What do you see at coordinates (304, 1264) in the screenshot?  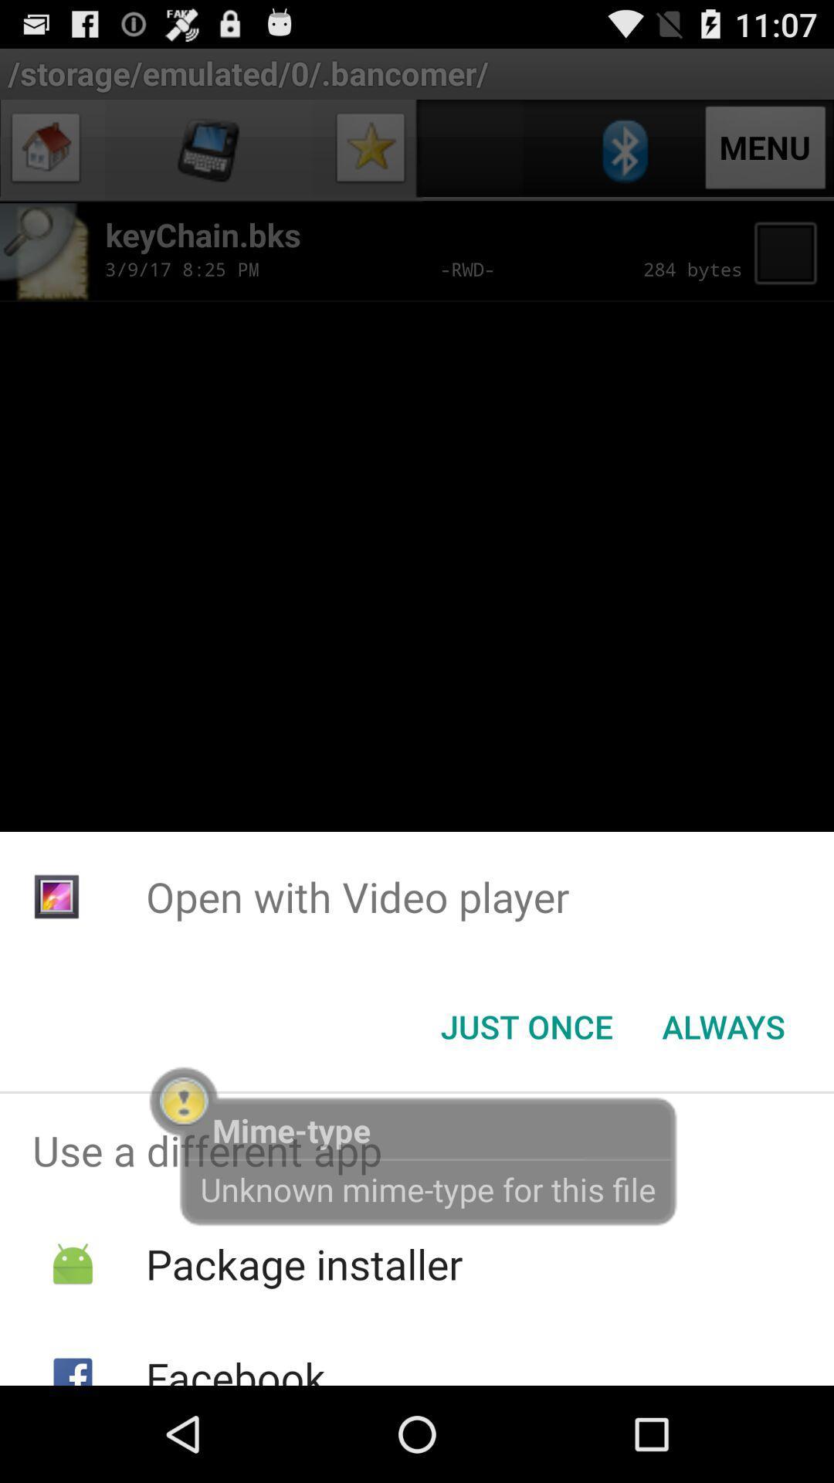 I see `item below use a different icon` at bounding box center [304, 1264].